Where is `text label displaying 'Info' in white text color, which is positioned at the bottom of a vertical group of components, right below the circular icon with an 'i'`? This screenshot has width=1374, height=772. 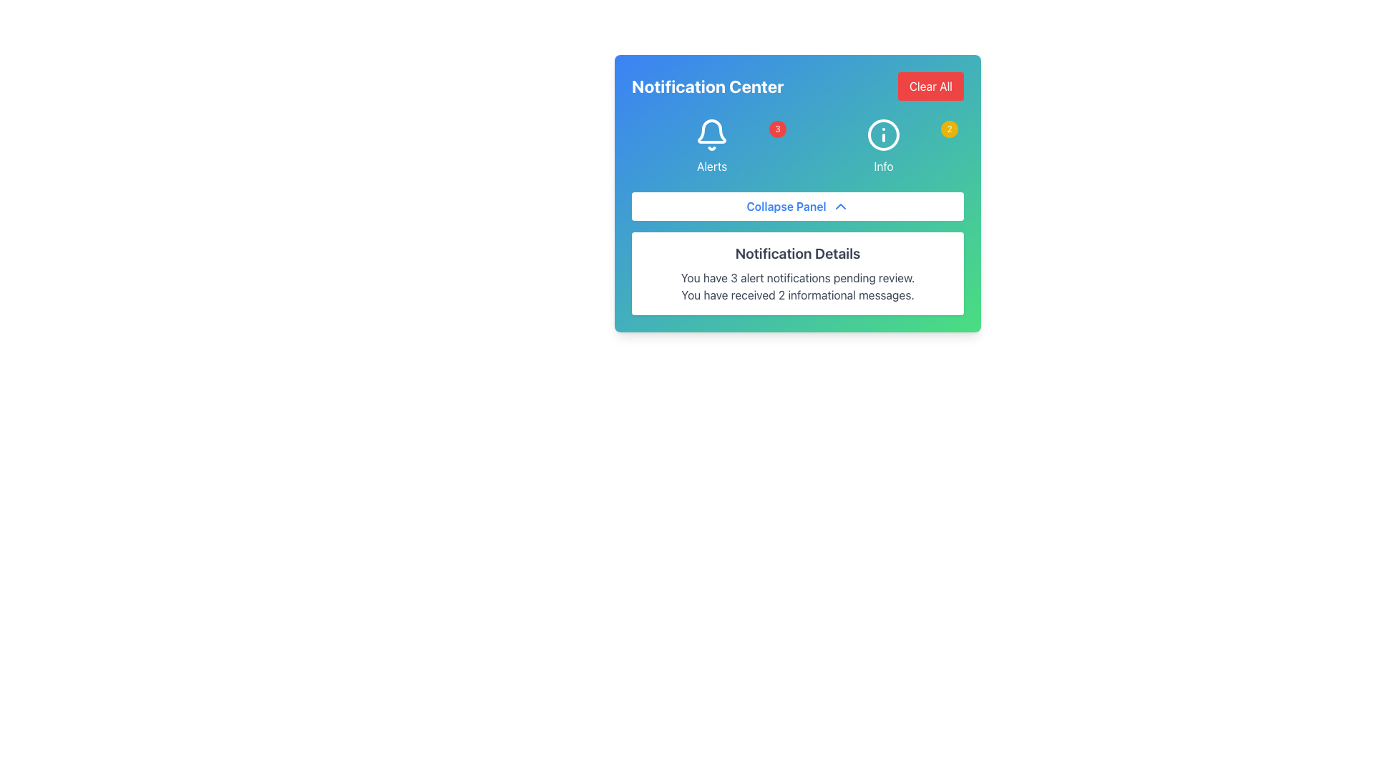 text label displaying 'Info' in white text color, which is positioned at the bottom of a vertical group of components, right below the circular icon with an 'i' is located at coordinates (882, 165).